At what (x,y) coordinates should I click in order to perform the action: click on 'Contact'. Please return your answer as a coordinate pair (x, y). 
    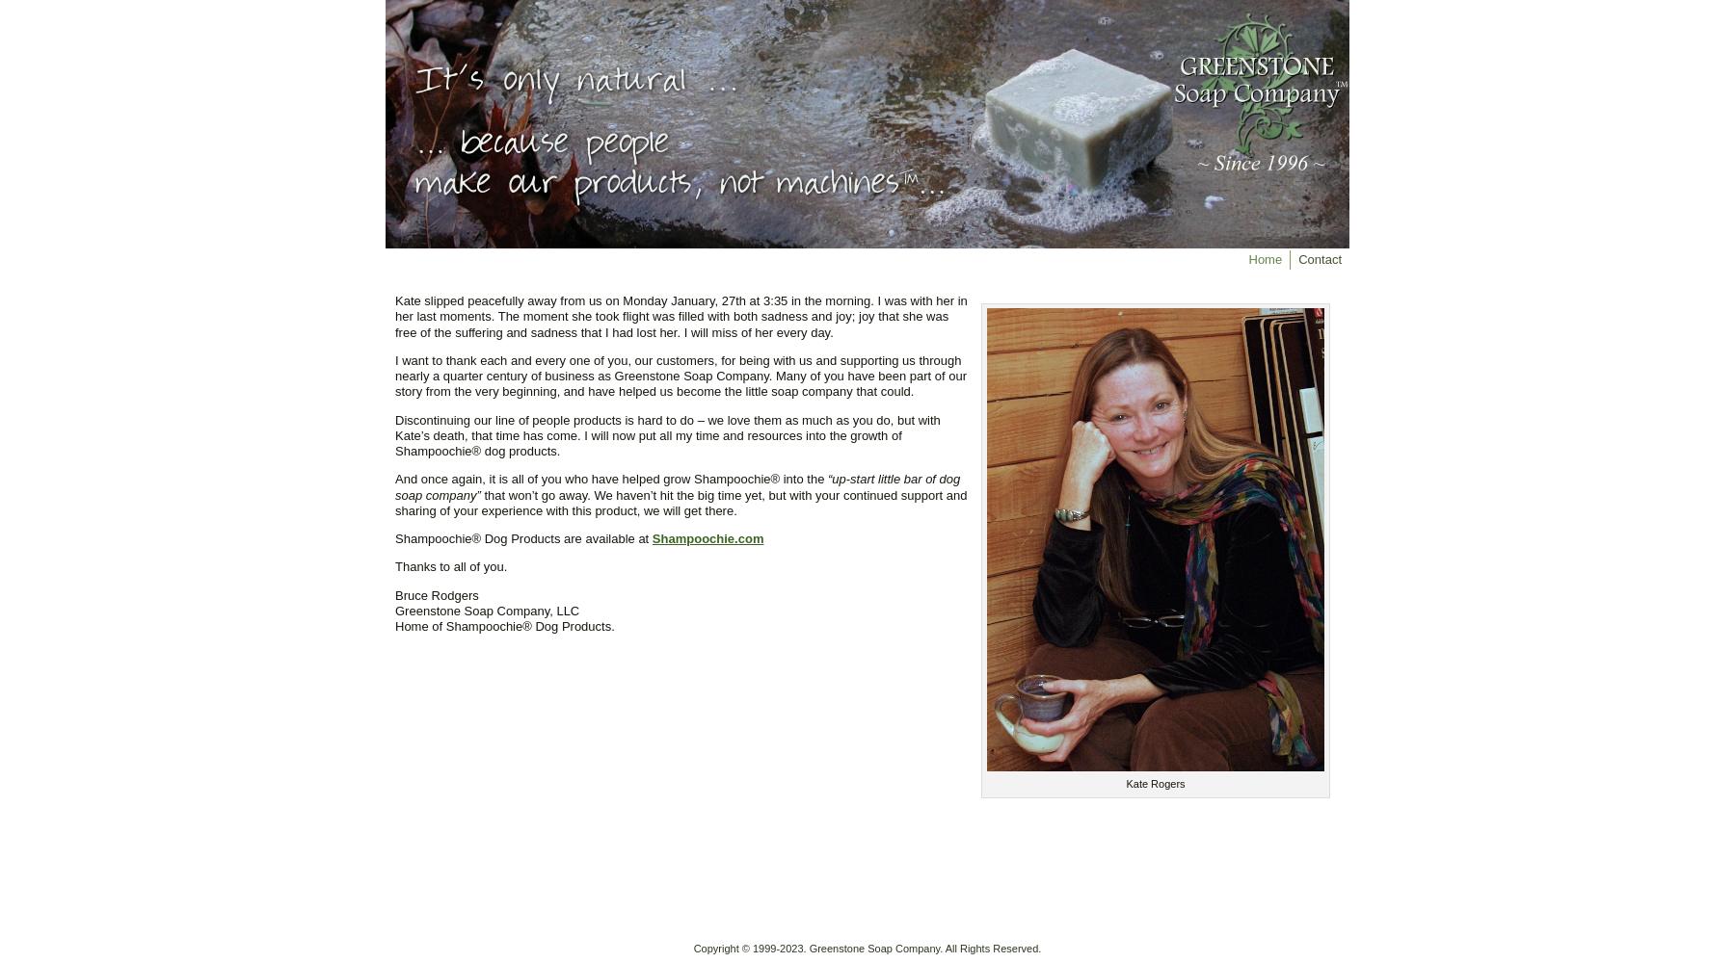
    Looking at the image, I should click on (1297, 259).